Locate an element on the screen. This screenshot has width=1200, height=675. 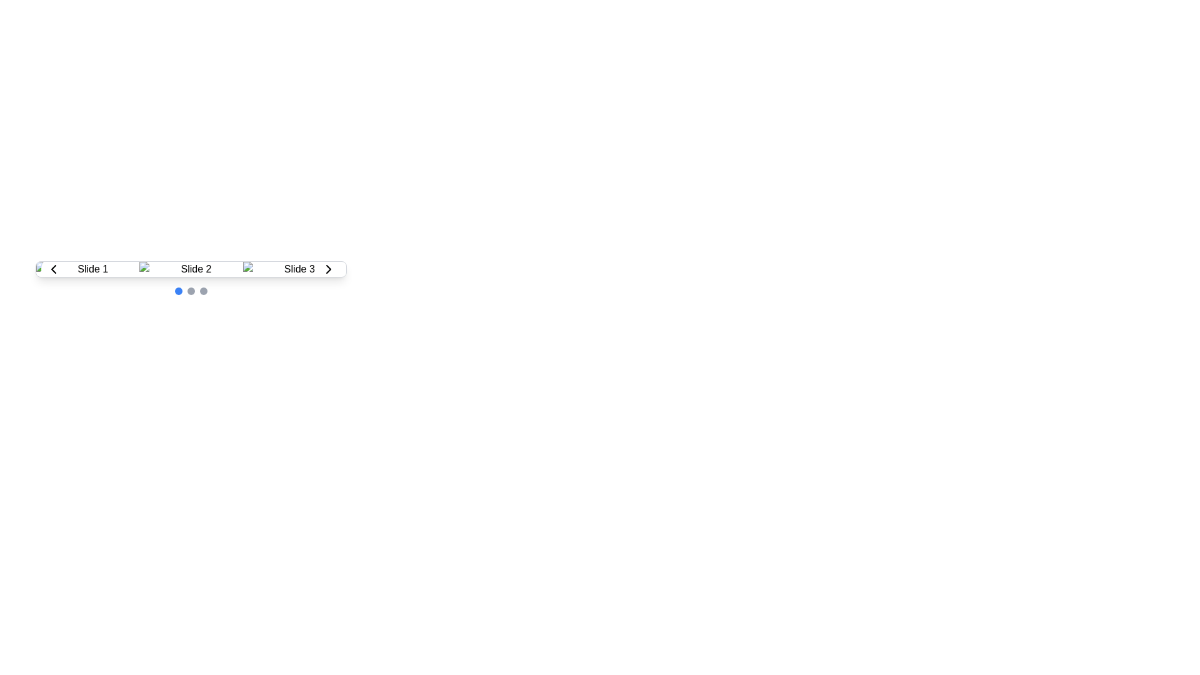
the middle slide labeled 'Slide 2' within the carousel is located at coordinates (191, 269).